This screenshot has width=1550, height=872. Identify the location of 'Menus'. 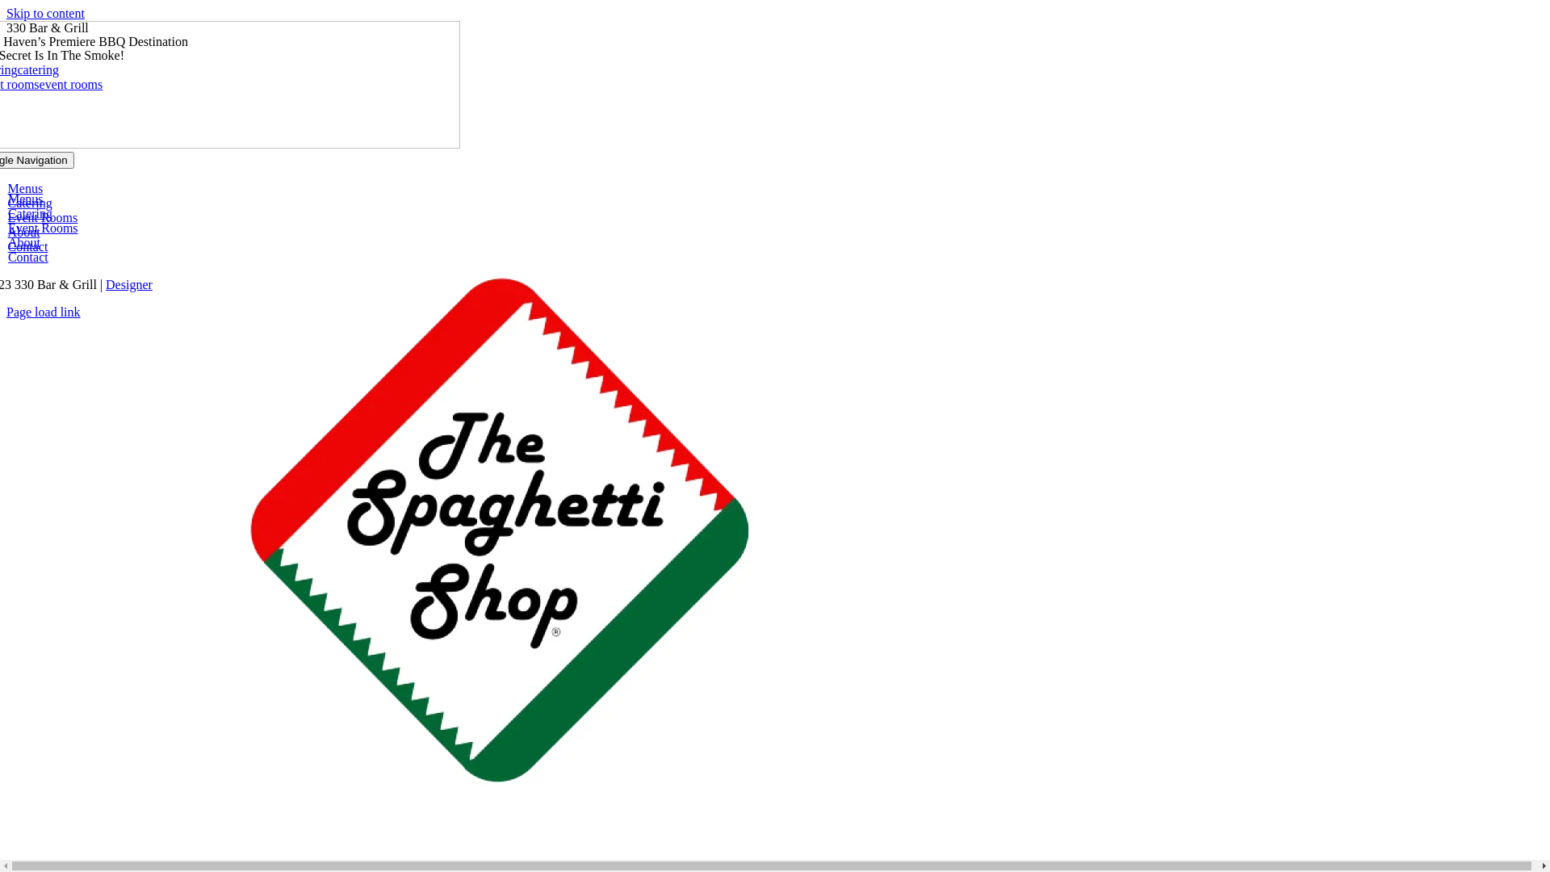
(26, 198).